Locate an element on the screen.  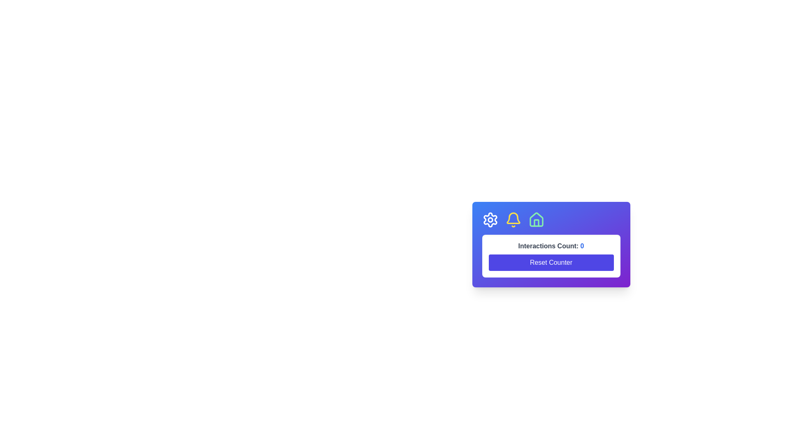
the small circular graphic element, which is a dot located at the center of the gear icon on the top-left of the interface is located at coordinates (490, 220).